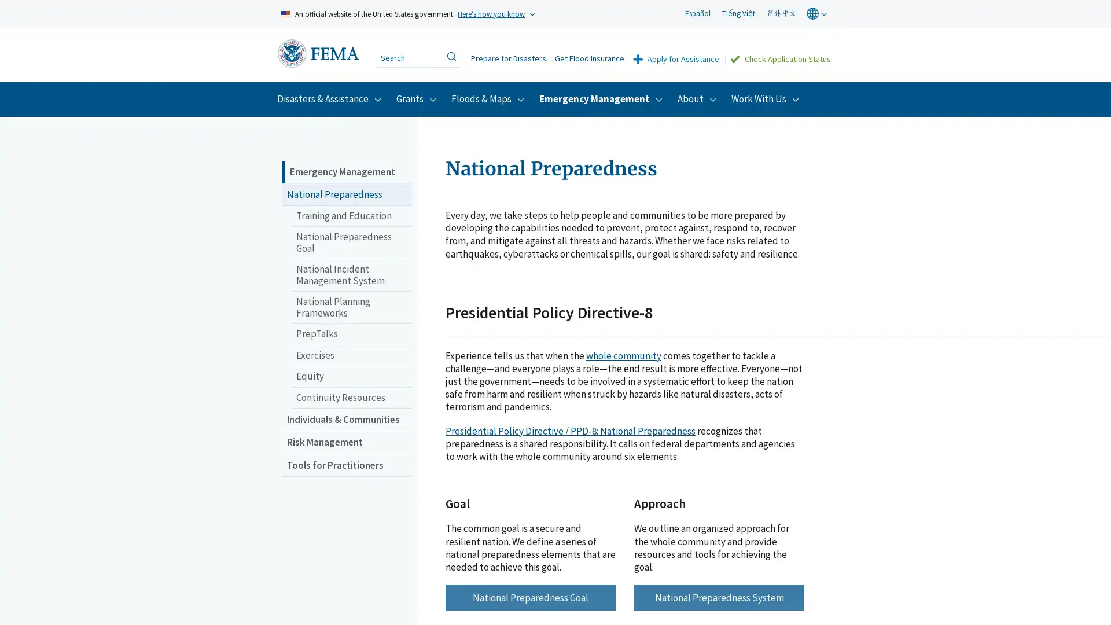 The image size is (1111, 625). What do you see at coordinates (767, 98) in the screenshot?
I see `Work With Us` at bounding box center [767, 98].